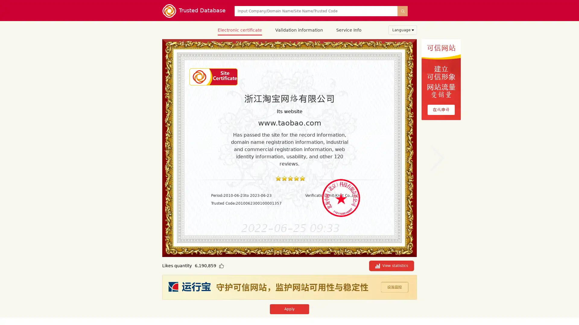 Image resolution: width=579 pixels, height=325 pixels. What do you see at coordinates (402, 11) in the screenshot?
I see `Inquiry` at bounding box center [402, 11].